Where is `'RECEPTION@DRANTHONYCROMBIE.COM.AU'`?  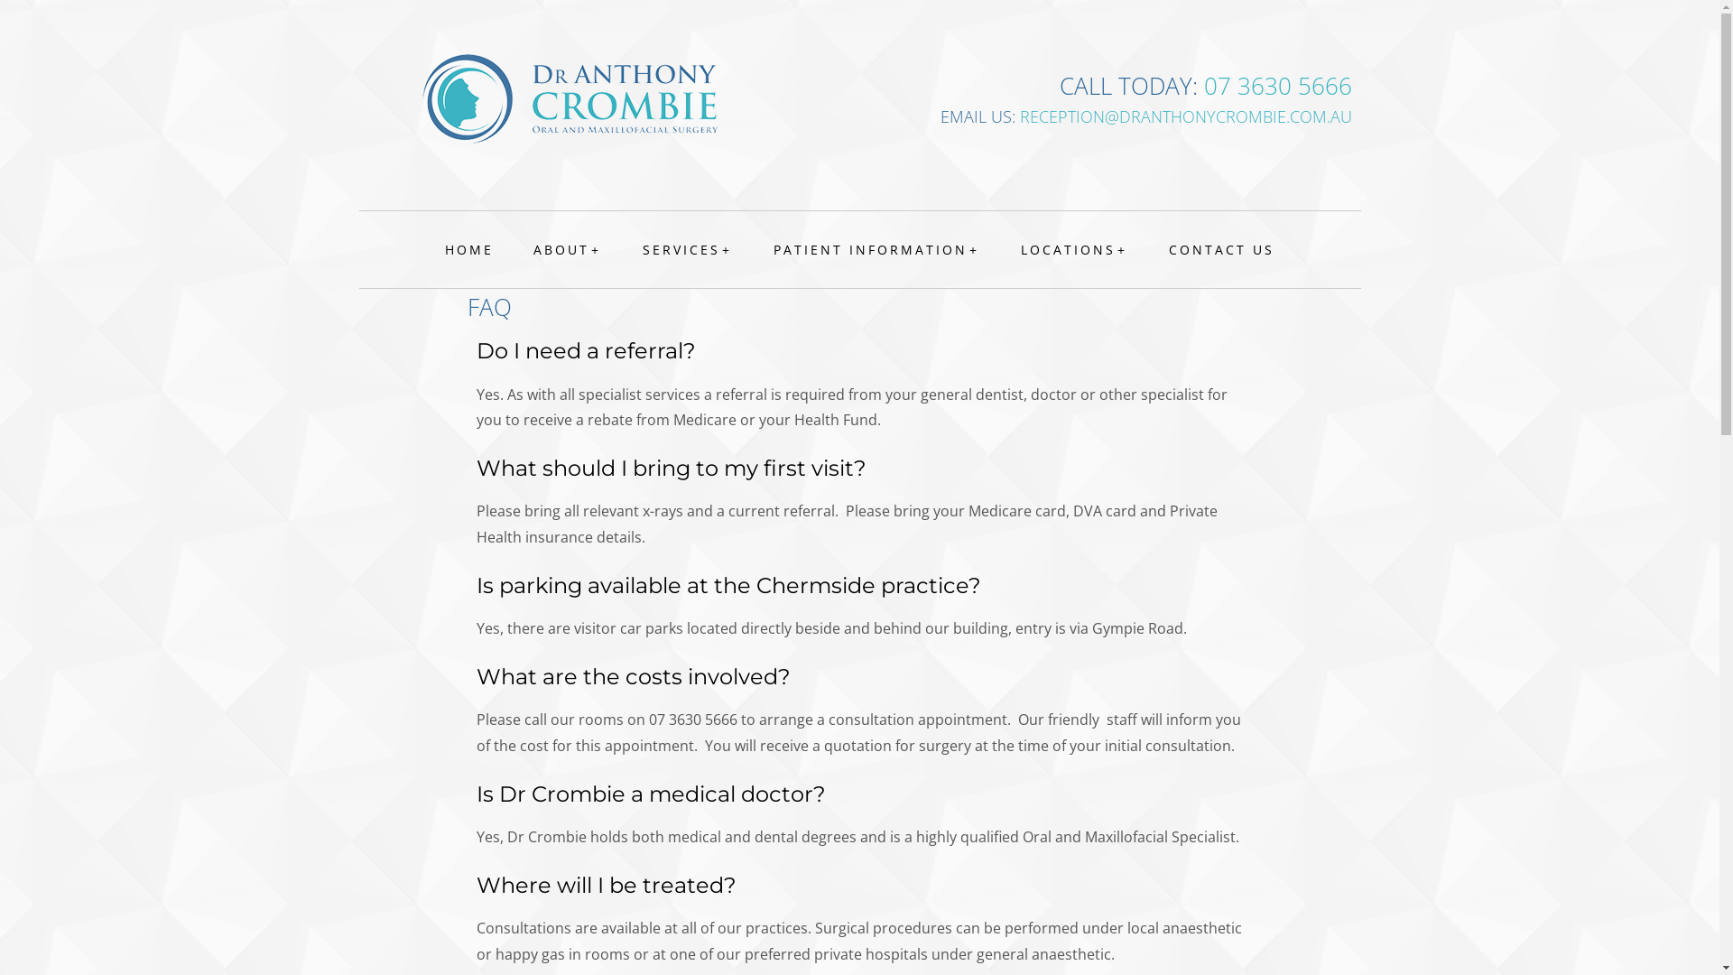 'RECEPTION@DRANTHONYCROMBIE.COM.AU' is located at coordinates (1186, 116).